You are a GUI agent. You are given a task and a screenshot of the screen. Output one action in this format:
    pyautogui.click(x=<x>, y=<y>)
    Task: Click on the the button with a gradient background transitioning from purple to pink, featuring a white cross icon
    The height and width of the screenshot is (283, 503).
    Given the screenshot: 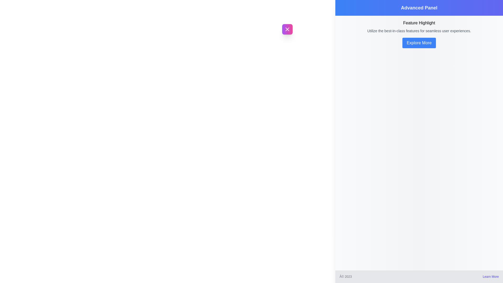 What is the action you would take?
    pyautogui.click(x=287, y=29)
    